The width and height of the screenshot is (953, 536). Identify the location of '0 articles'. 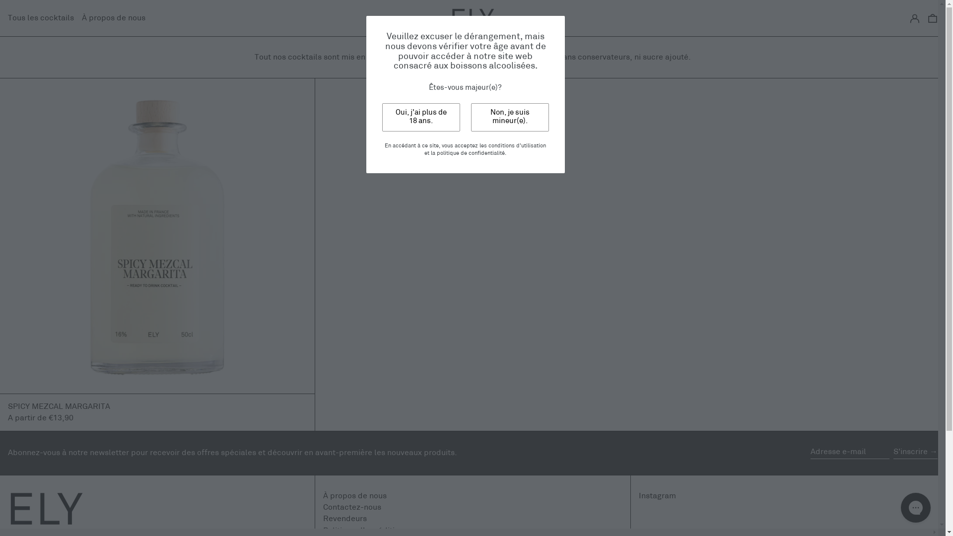
(932, 18).